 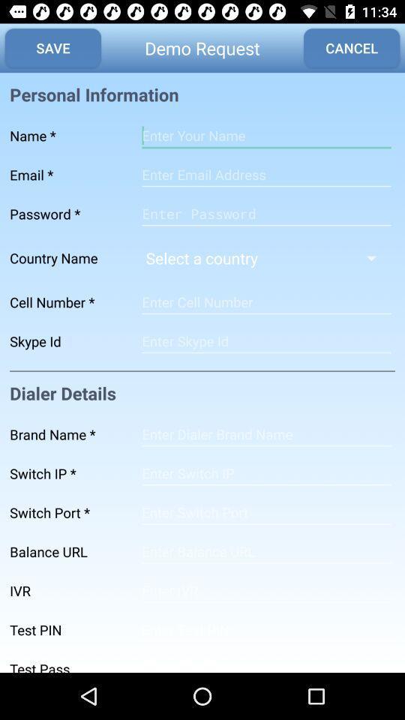 What do you see at coordinates (265, 301) in the screenshot?
I see `text input option` at bounding box center [265, 301].